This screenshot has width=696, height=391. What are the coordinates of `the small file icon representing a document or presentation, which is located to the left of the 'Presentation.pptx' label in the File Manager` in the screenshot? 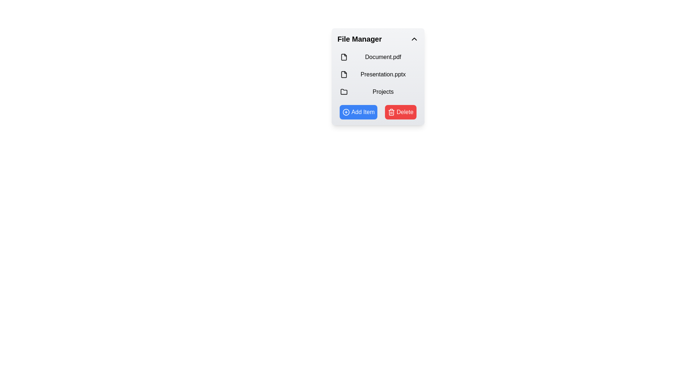 It's located at (344, 74).